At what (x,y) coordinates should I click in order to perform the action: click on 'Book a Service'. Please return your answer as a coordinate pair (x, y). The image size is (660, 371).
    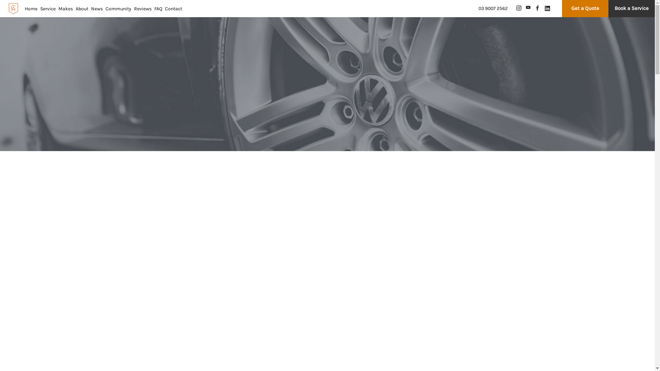
    Looking at the image, I should click on (608, 8).